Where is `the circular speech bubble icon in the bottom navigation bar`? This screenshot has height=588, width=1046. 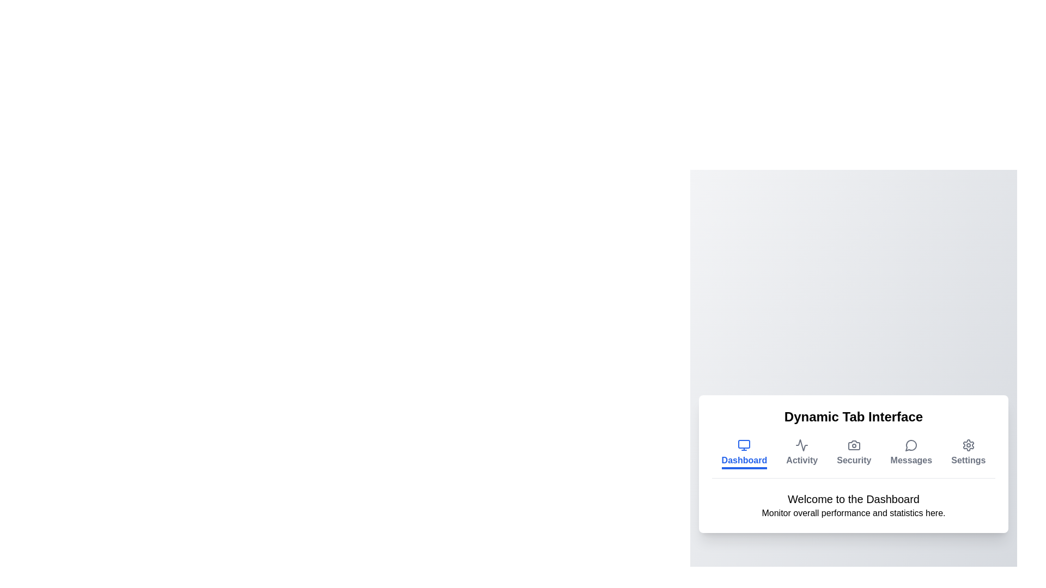
the circular speech bubble icon in the bottom navigation bar is located at coordinates (911, 445).